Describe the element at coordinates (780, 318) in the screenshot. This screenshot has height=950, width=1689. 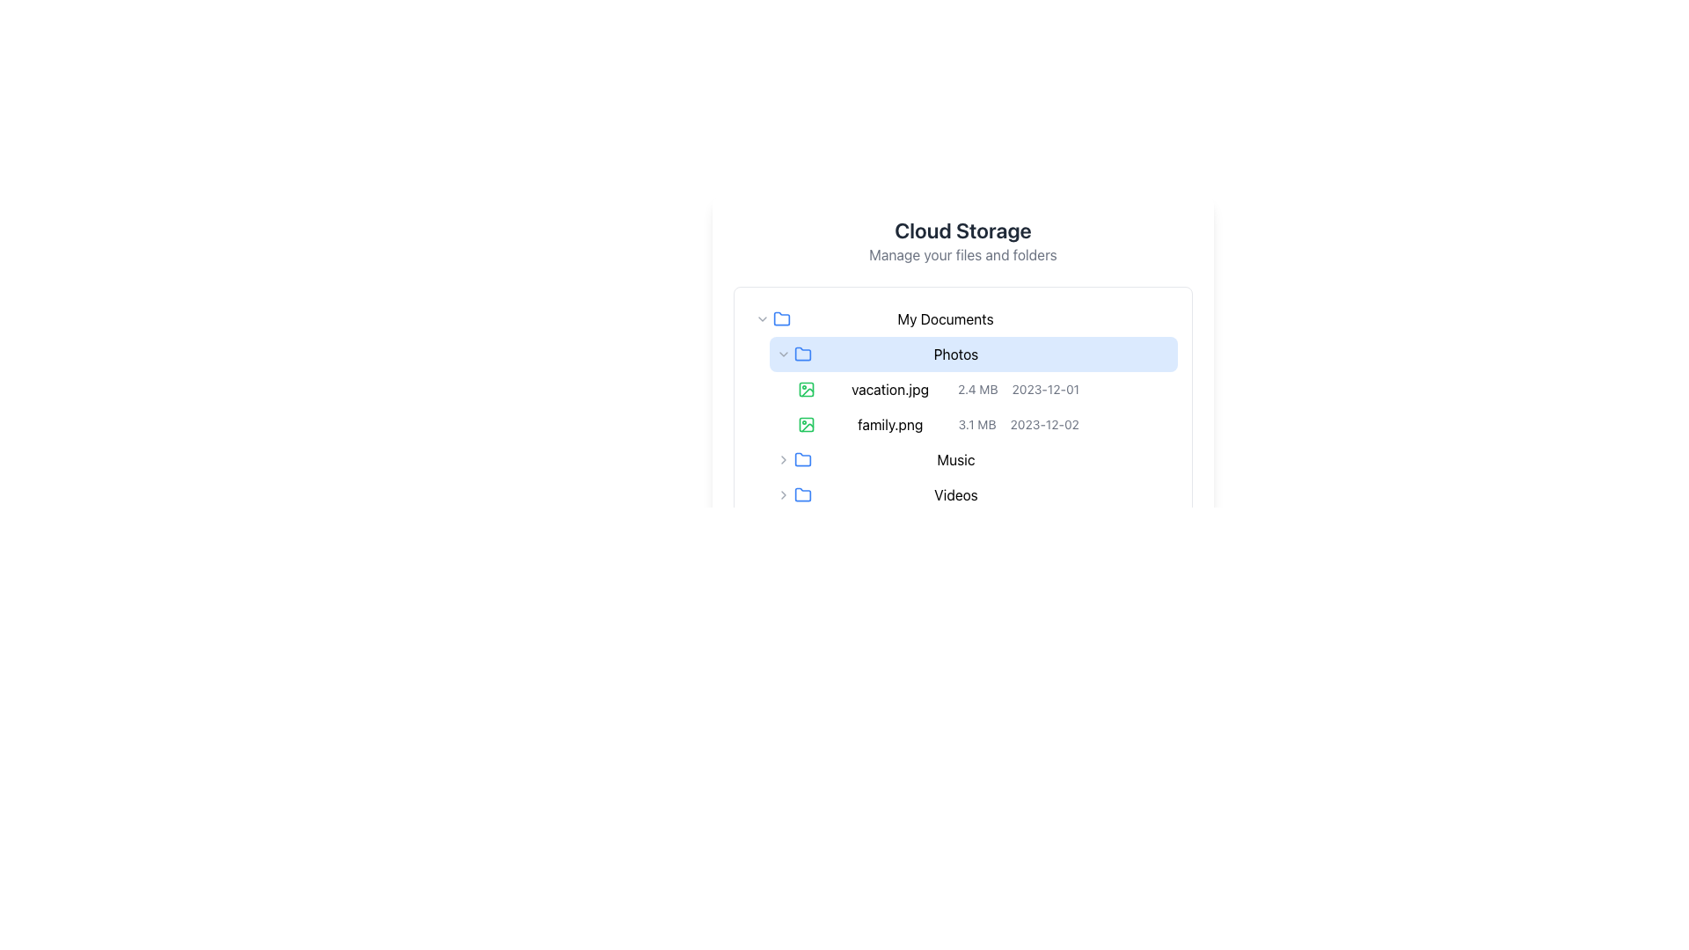
I see `the folder icon representing 'Photos' to interact with its associated function in the user interface` at that location.